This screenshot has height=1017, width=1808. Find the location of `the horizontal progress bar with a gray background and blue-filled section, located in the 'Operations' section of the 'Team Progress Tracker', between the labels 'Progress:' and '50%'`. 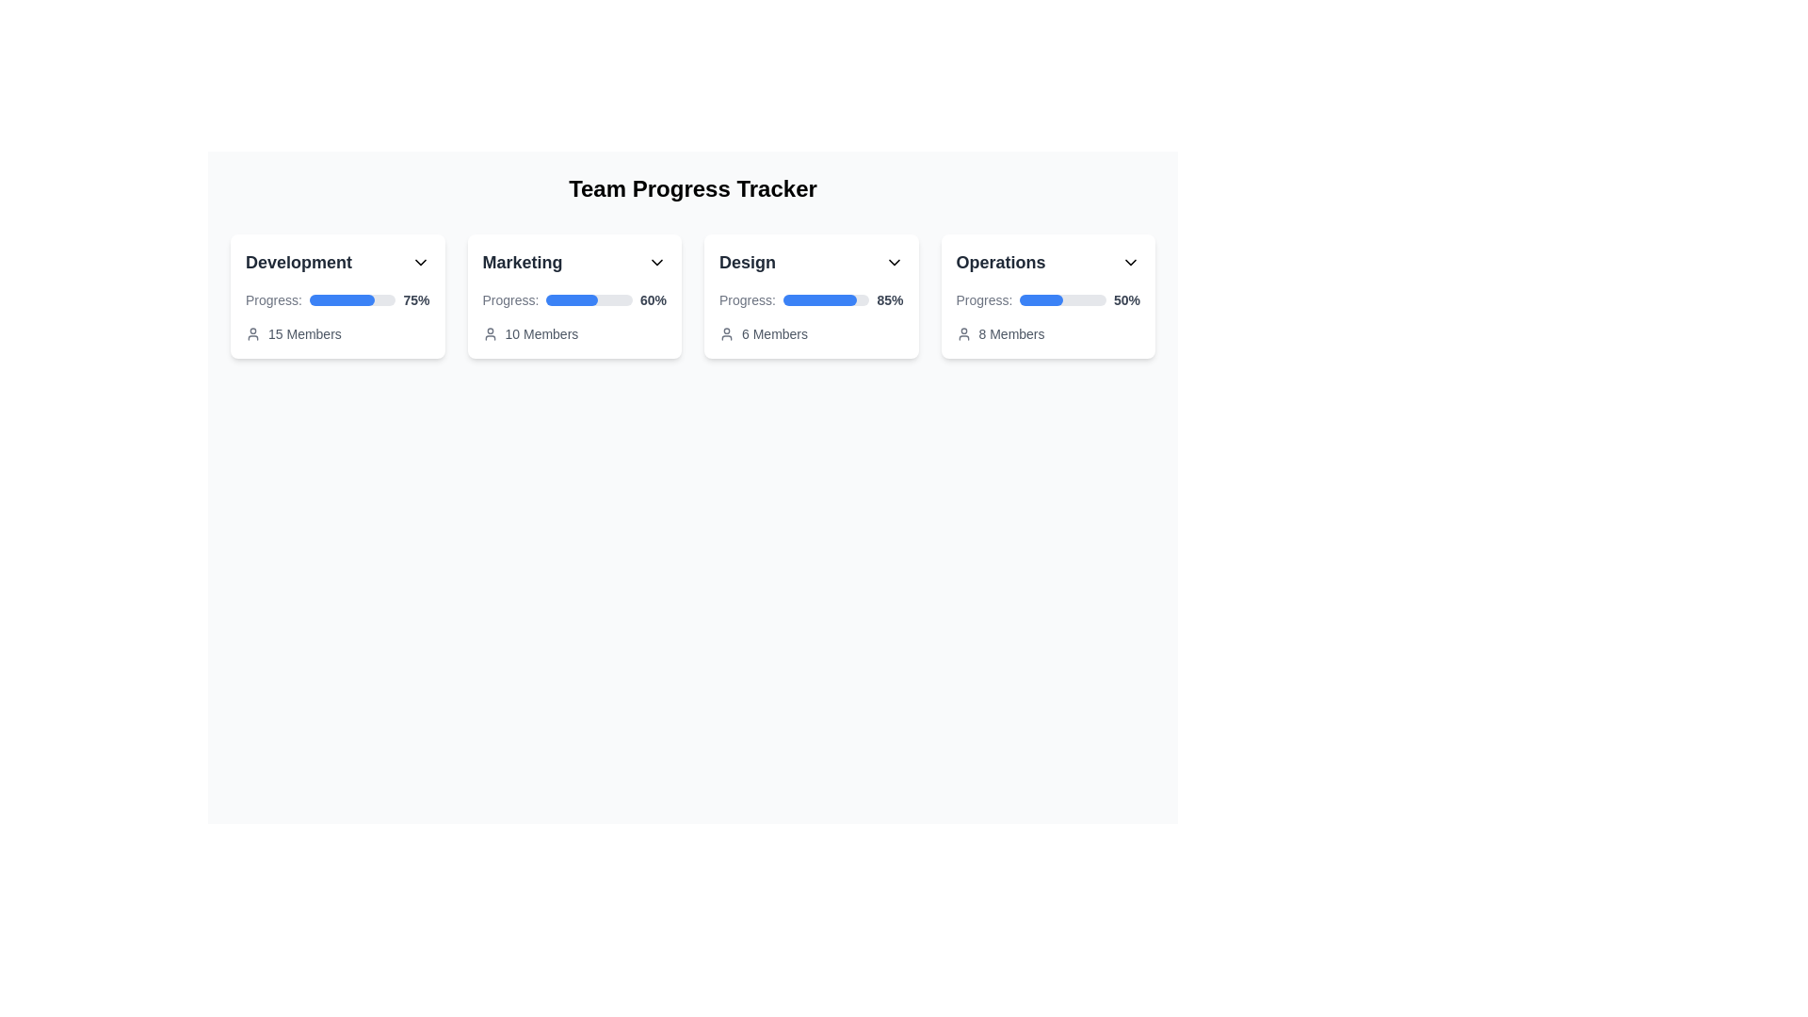

the horizontal progress bar with a gray background and blue-filled section, located in the 'Operations' section of the 'Team Progress Tracker', between the labels 'Progress:' and '50%' is located at coordinates (1063, 299).